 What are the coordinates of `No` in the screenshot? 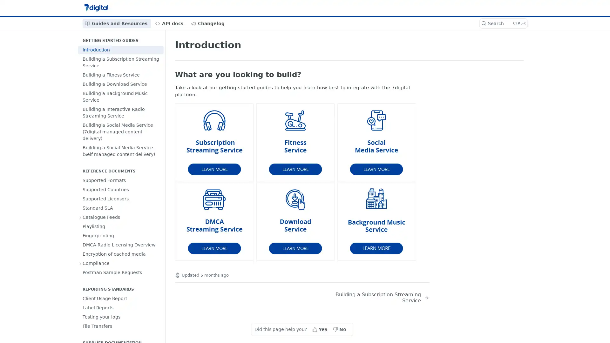 It's located at (340, 329).